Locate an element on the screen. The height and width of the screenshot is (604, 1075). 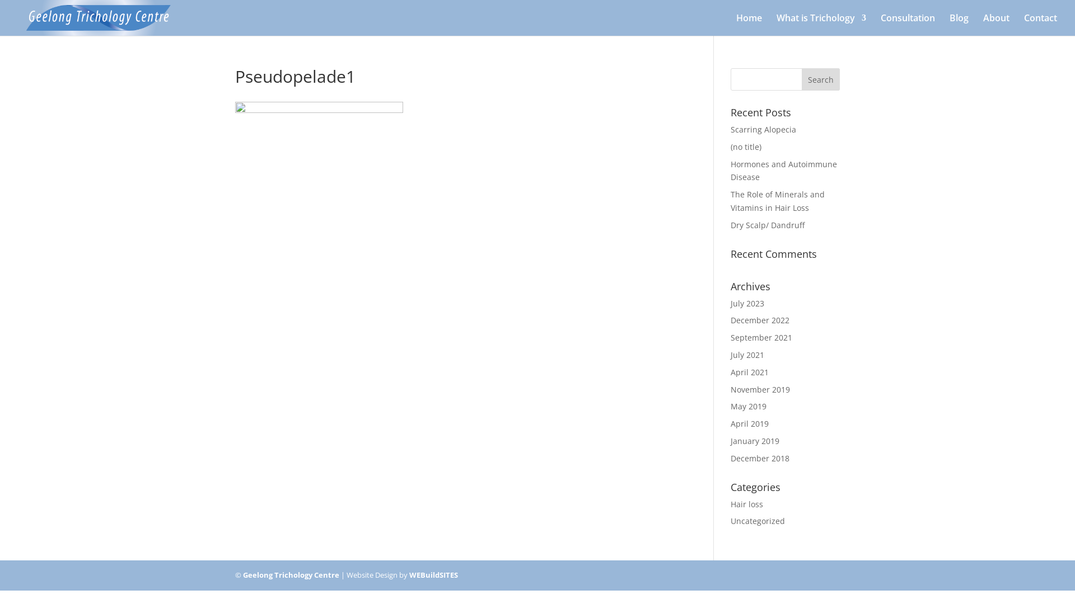
'November 2019' is located at coordinates (760, 389).